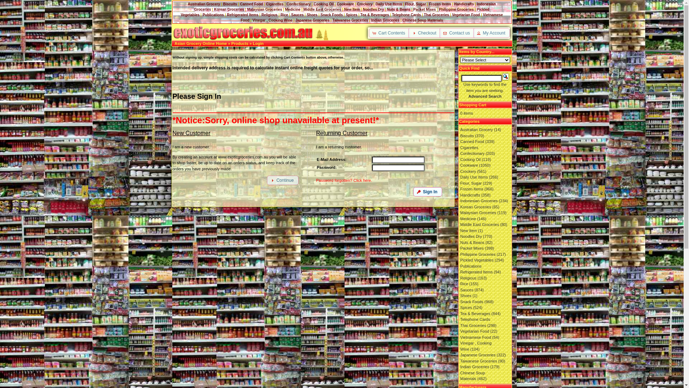 This screenshot has height=388, width=689. What do you see at coordinates (460, 337) in the screenshot?
I see `'Vietnamese Food'` at bounding box center [460, 337].